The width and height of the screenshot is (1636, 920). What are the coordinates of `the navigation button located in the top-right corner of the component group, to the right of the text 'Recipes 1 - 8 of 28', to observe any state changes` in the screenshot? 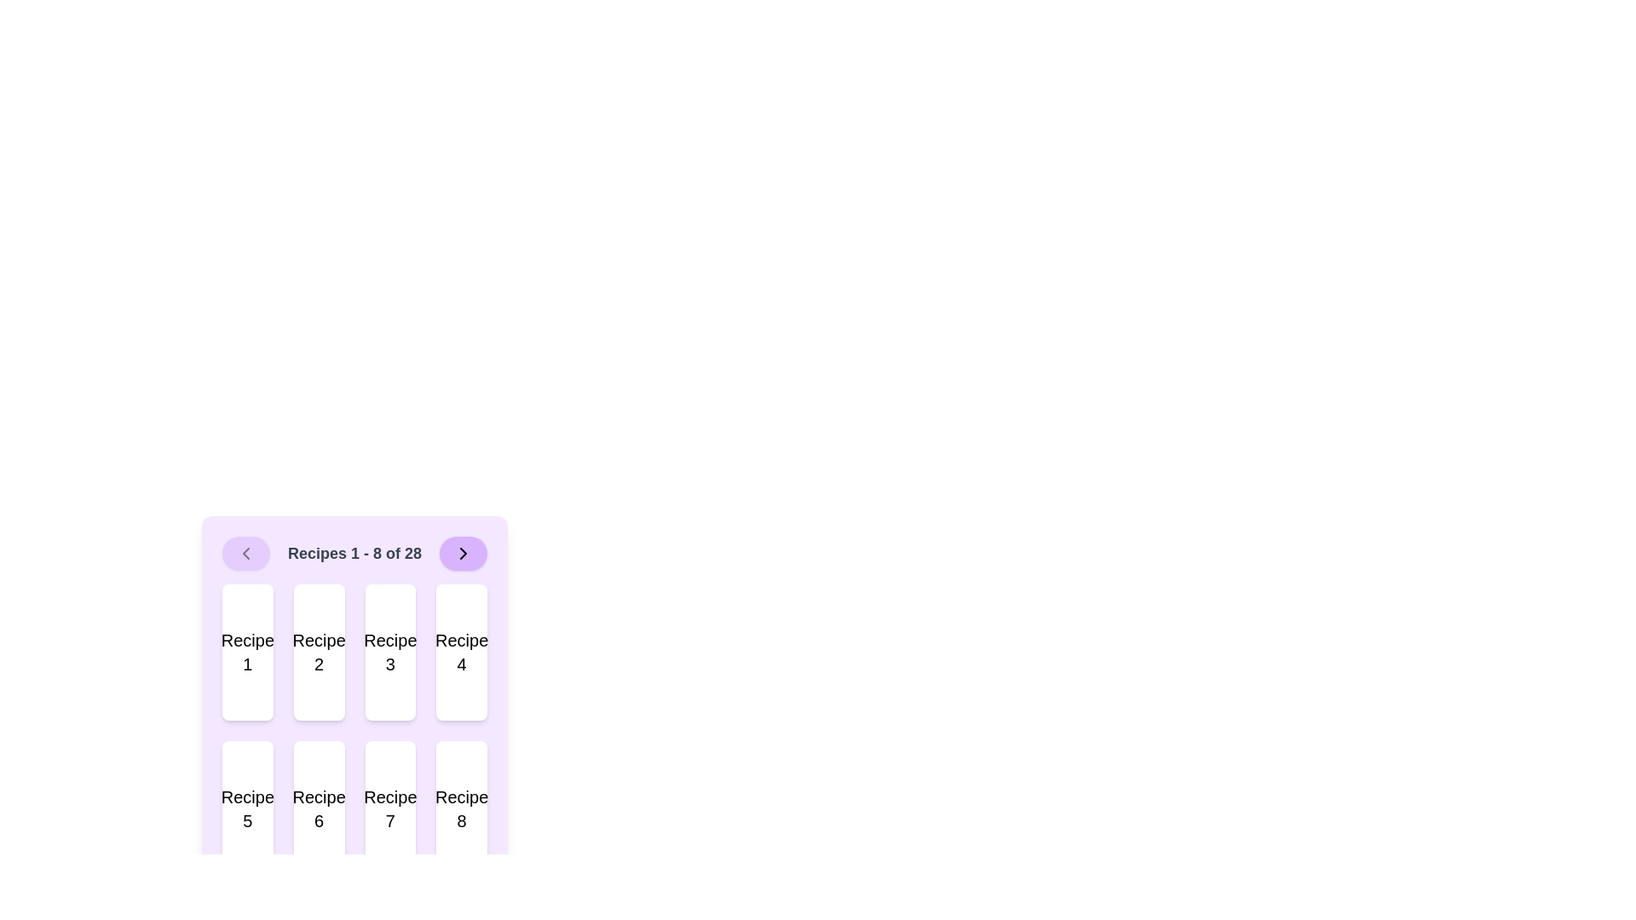 It's located at (463, 554).